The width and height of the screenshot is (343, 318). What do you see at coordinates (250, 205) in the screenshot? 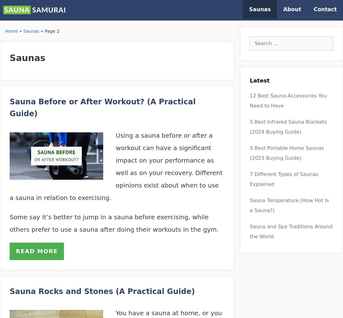
I see `'Sauna Temperature (How Hot Is a Sauna?)'` at bounding box center [250, 205].